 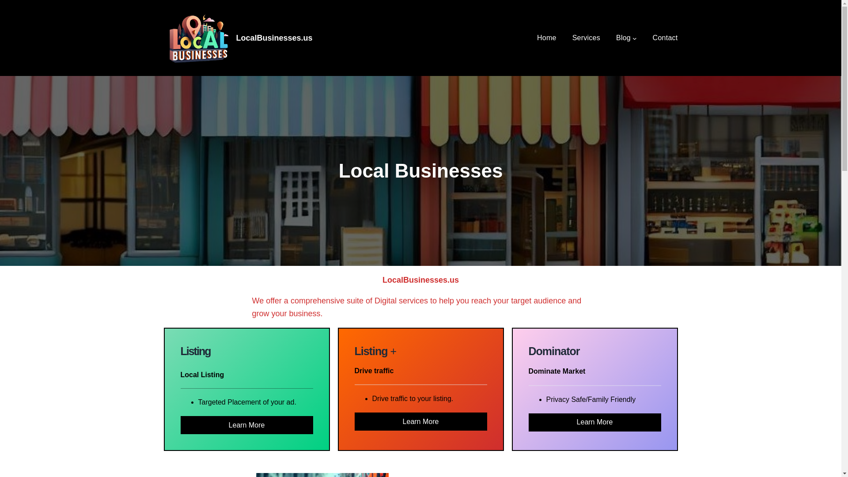 I want to click on 'Learn More', so click(x=594, y=422).